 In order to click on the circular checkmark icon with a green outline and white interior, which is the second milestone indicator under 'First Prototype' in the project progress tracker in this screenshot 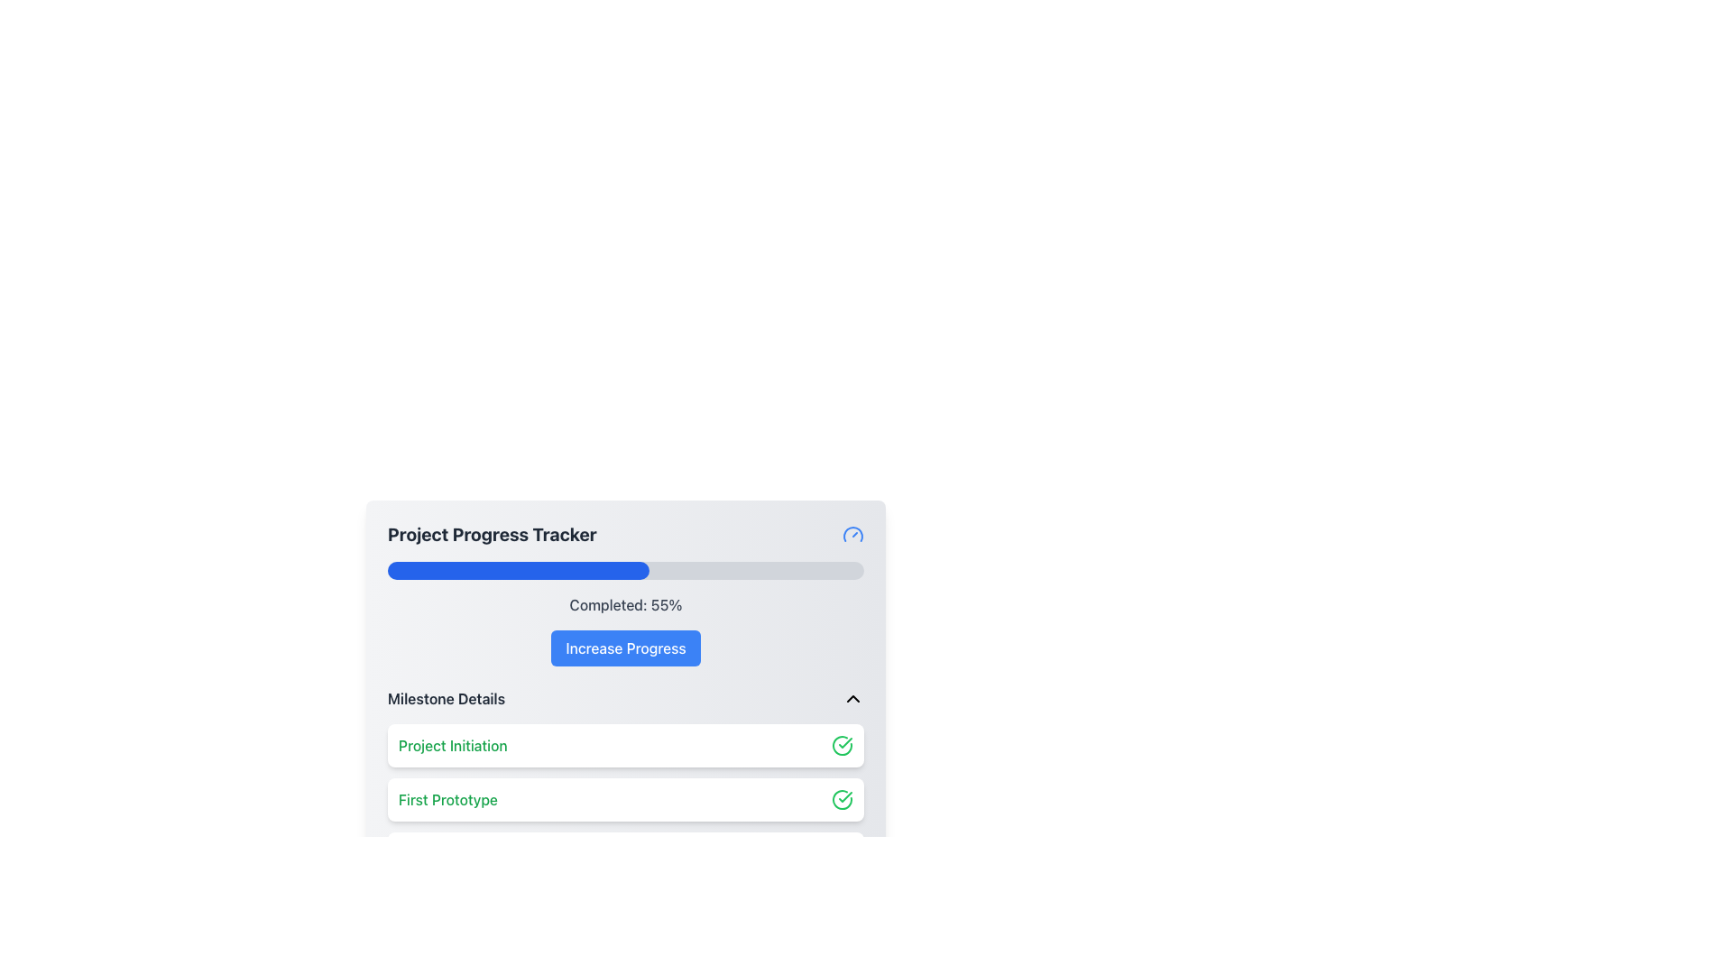, I will do `click(842, 799)`.